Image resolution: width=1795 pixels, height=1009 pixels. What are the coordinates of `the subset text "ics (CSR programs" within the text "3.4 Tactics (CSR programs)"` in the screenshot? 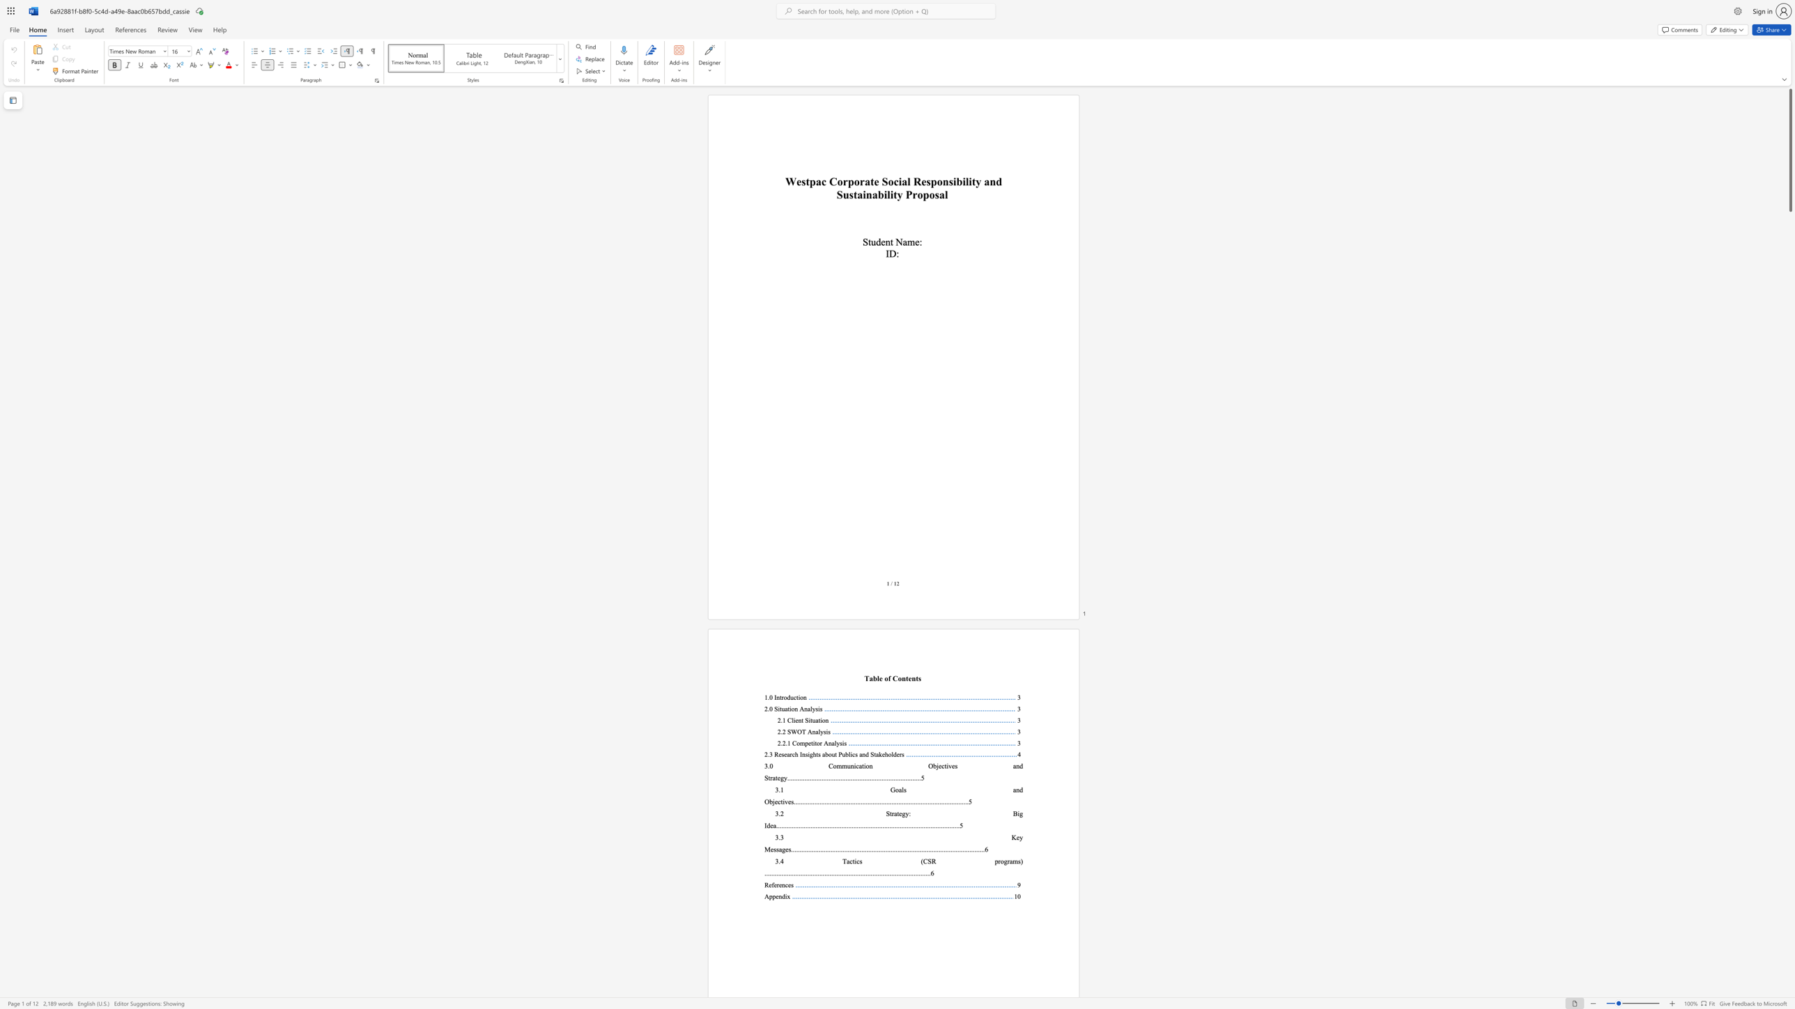 It's located at (854, 860).